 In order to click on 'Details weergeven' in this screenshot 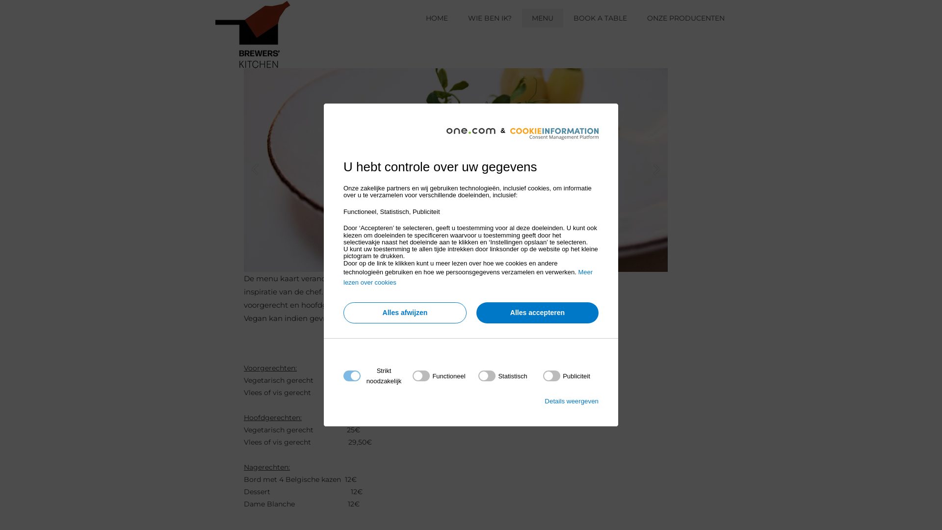, I will do `click(572, 401)`.